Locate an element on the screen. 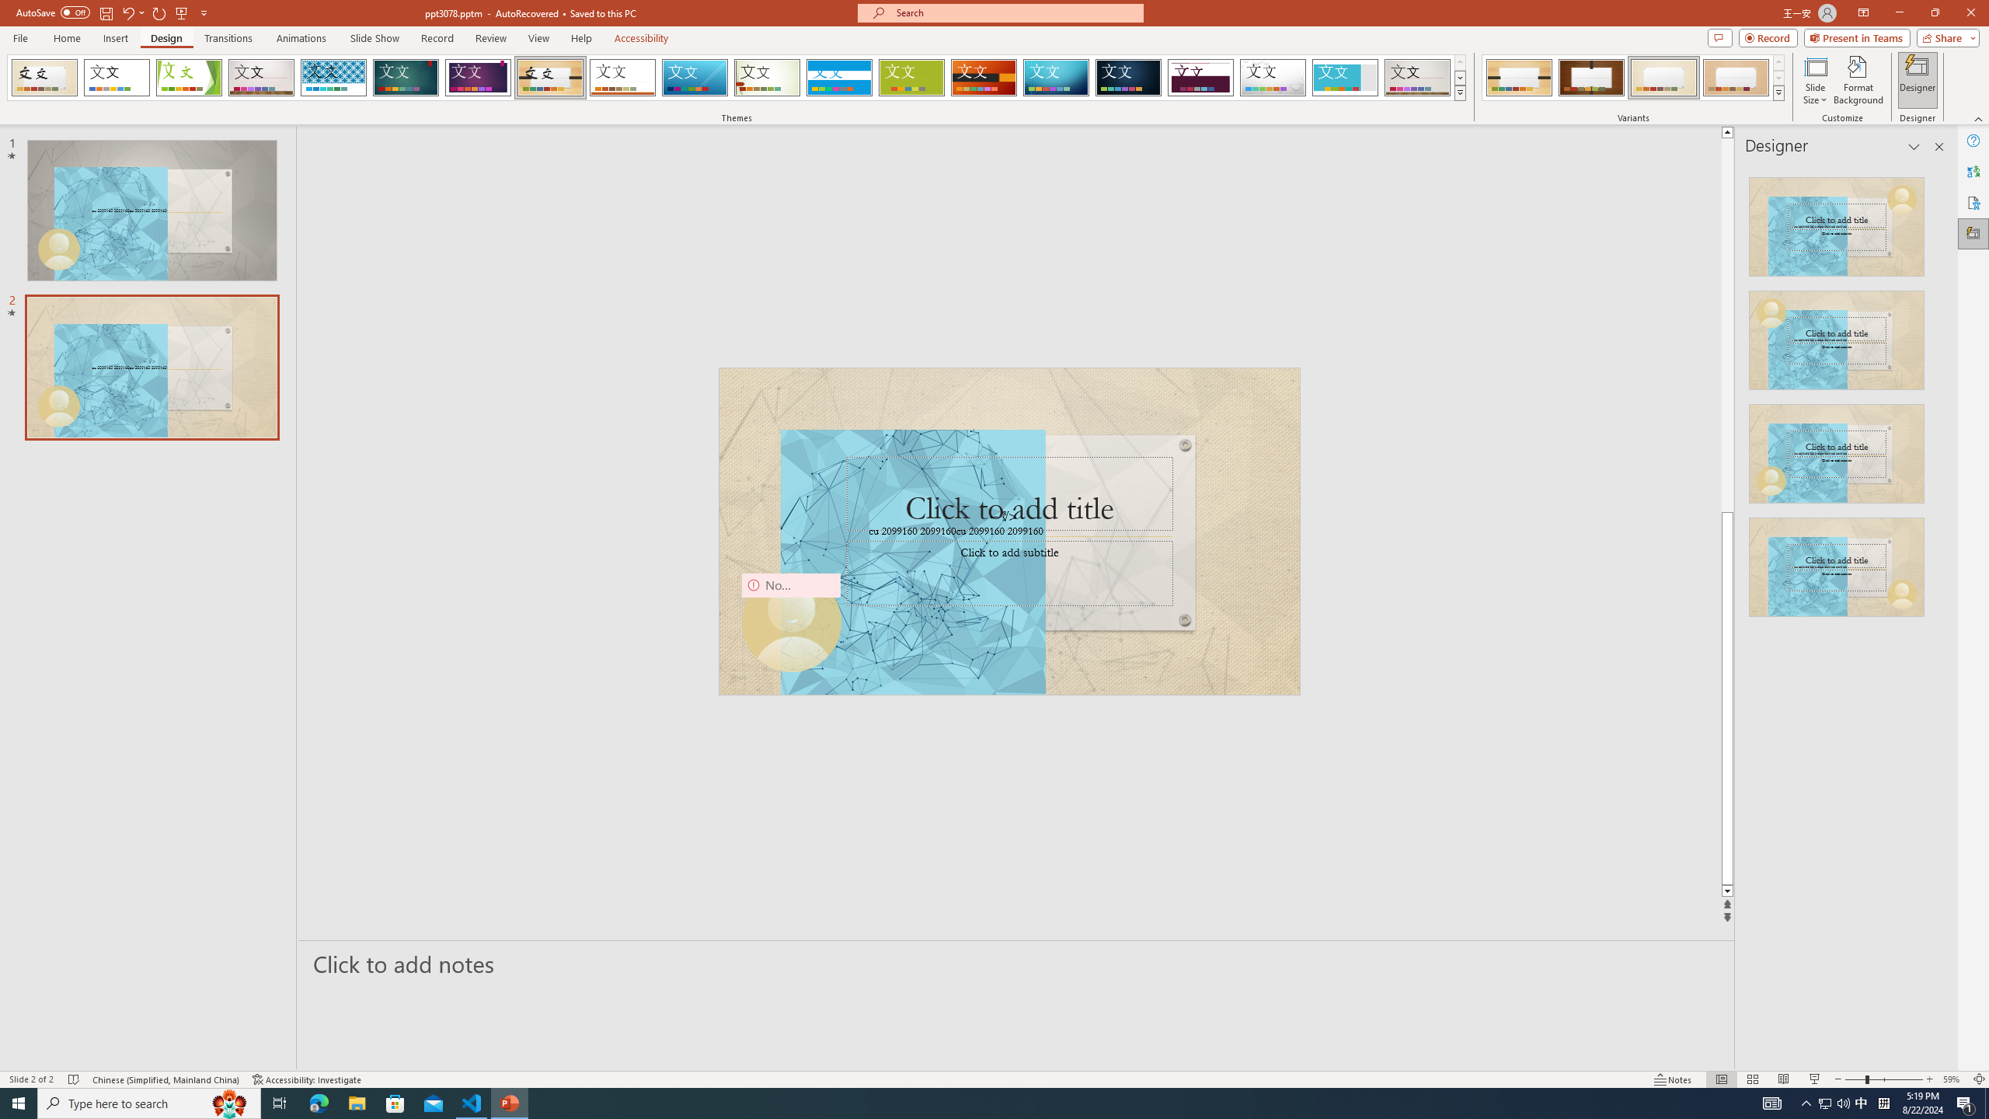 This screenshot has height=1119, width=1989. 'Dividend' is located at coordinates (1200, 77).